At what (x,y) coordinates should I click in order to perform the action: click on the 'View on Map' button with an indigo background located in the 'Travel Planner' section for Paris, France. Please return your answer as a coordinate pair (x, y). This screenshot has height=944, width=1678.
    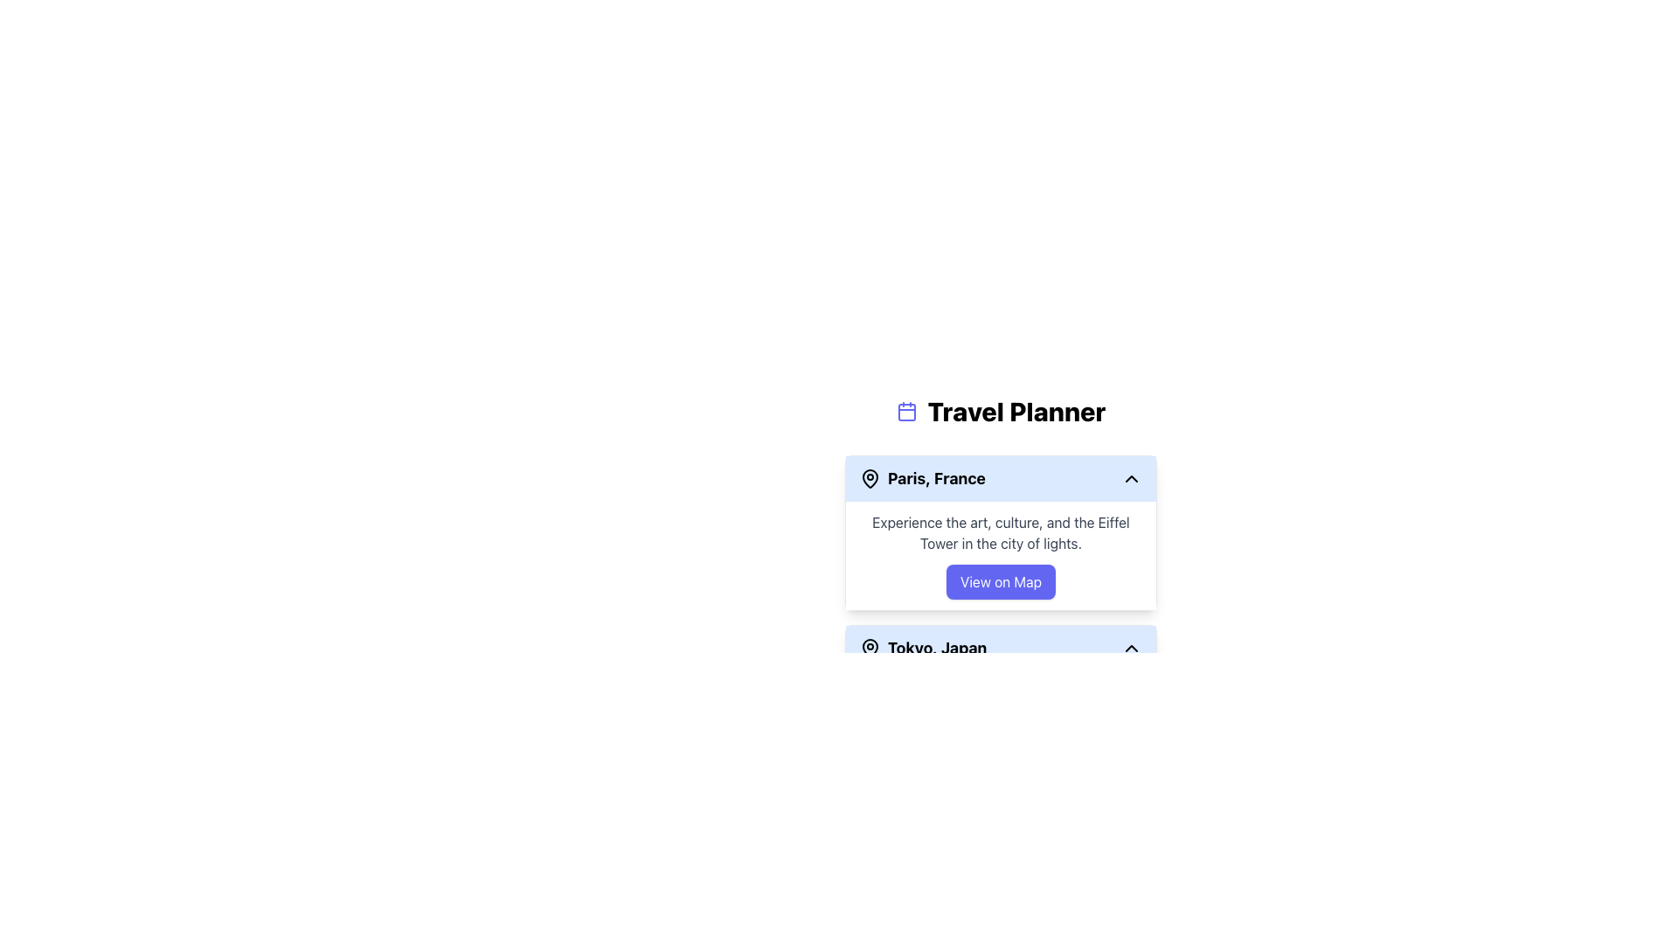
    Looking at the image, I should click on (1001, 582).